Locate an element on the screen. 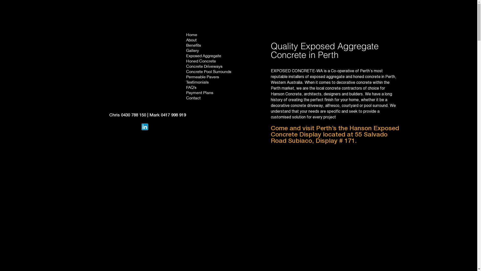 This screenshot has width=481, height=271. 'Testimonials' is located at coordinates (209, 82).